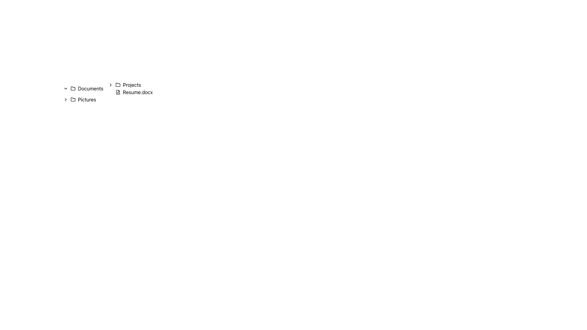 The width and height of the screenshot is (587, 330). What do you see at coordinates (66, 99) in the screenshot?
I see `the rightward-facing chevron icon located to the left of the text 'Pictures'` at bounding box center [66, 99].